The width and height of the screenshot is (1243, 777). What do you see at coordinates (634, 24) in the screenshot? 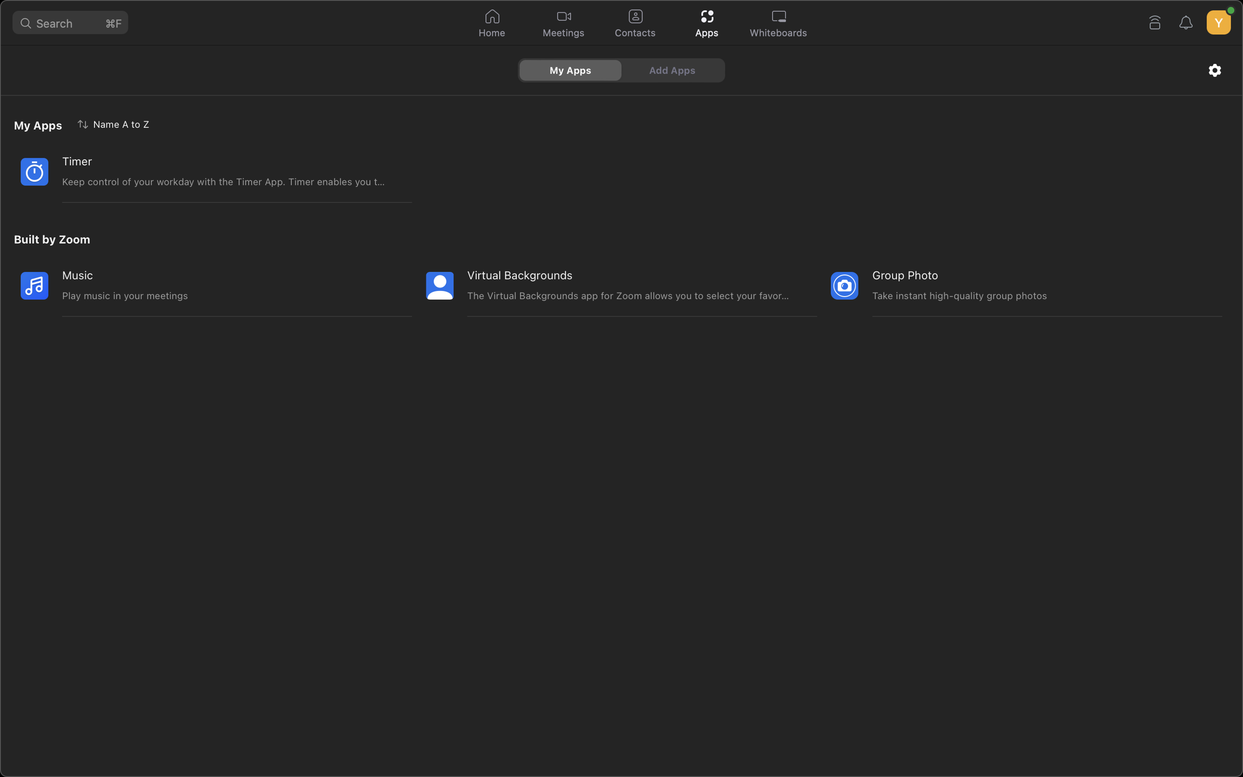
I see `Navigate and search "Indiana Jones" in the digital contacts directory` at bounding box center [634, 24].